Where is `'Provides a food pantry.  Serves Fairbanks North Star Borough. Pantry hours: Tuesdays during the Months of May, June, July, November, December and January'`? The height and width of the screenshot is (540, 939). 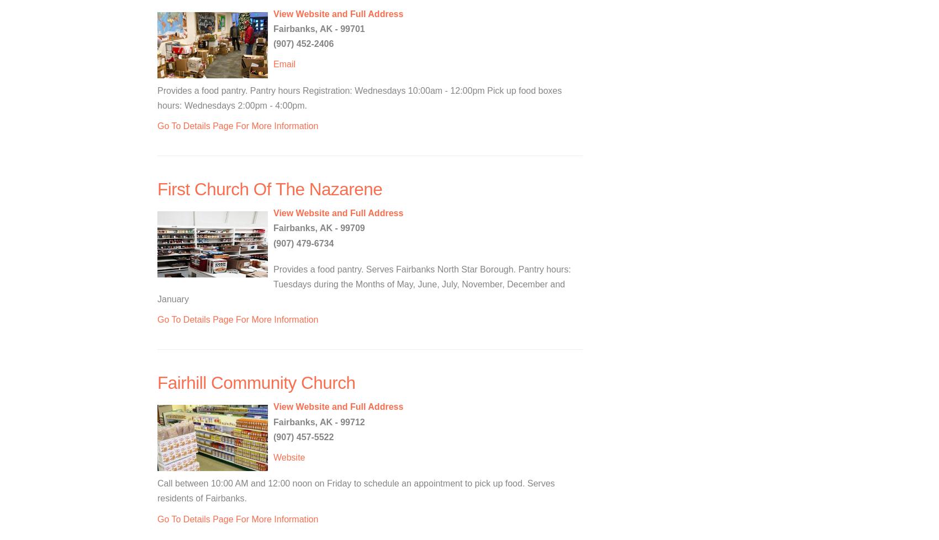 'Provides a food pantry.  Serves Fairbanks North Star Borough. Pantry hours: Tuesdays during the Months of May, June, July, November, December and January' is located at coordinates (363, 283).